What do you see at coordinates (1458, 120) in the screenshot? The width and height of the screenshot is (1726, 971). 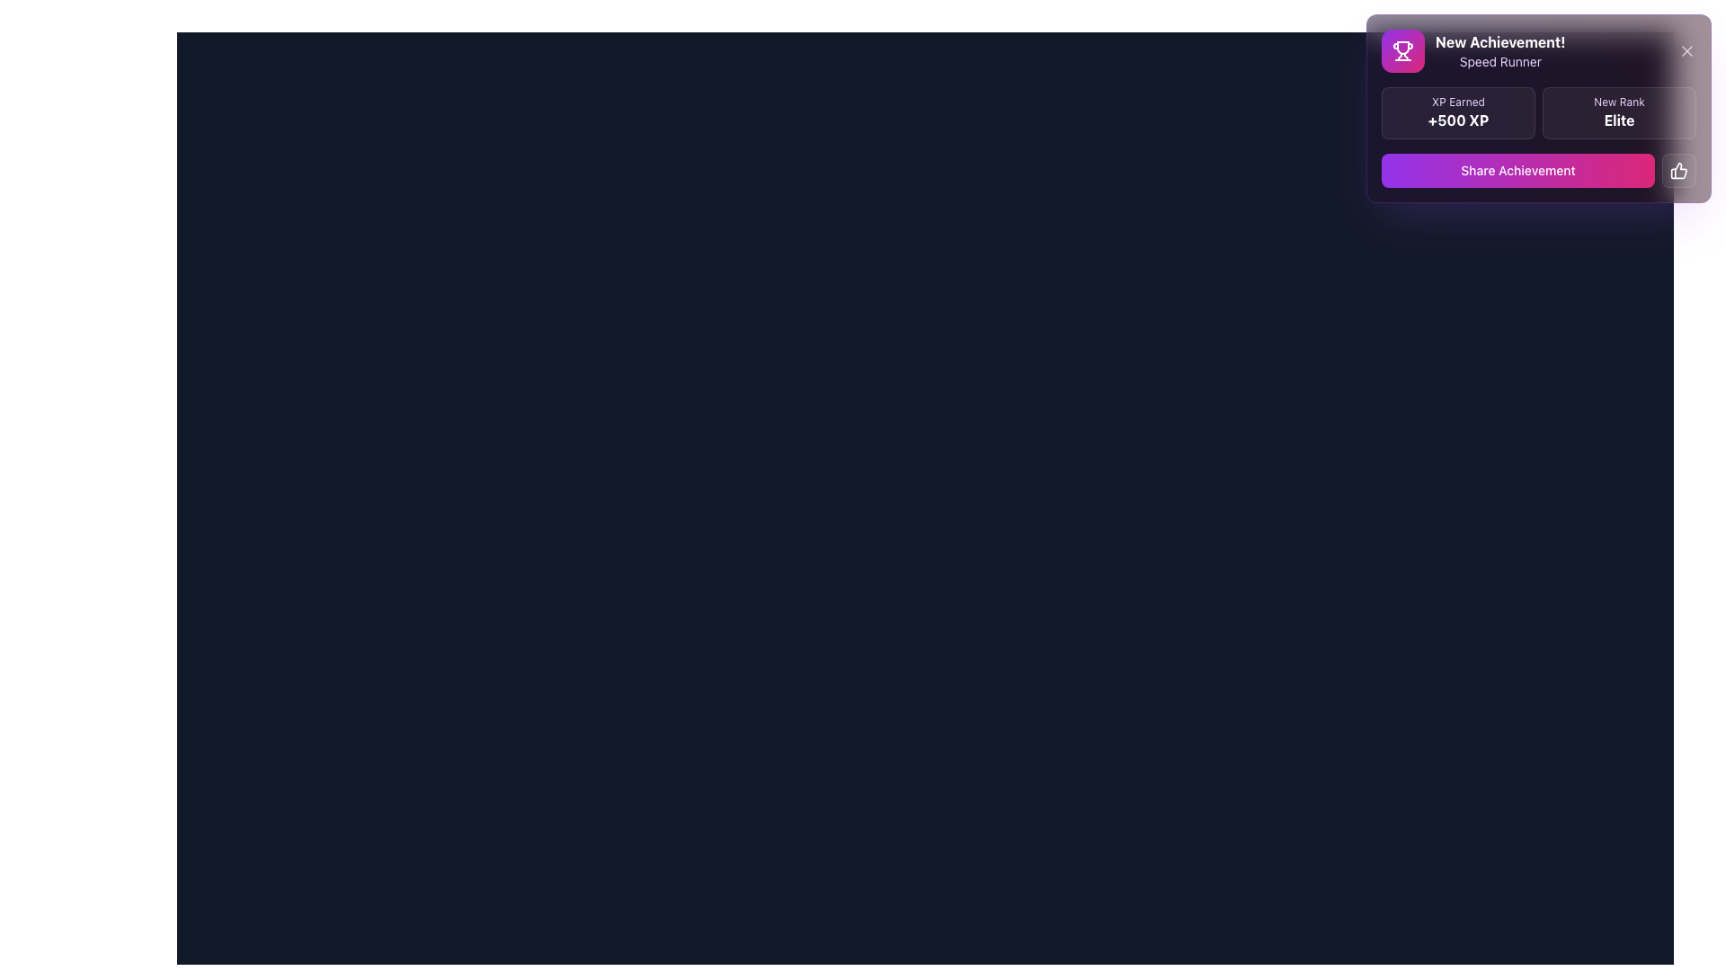 I see `the text label displaying '+500 XP' in bold white font, located in the upper right corner of the interface within the pop-up box` at bounding box center [1458, 120].